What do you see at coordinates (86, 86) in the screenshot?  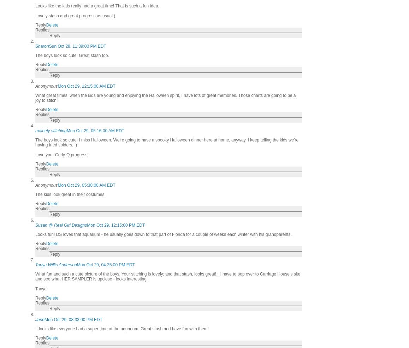 I see `'Mon Oct 29, 12:15:00 AM EDT'` at bounding box center [86, 86].